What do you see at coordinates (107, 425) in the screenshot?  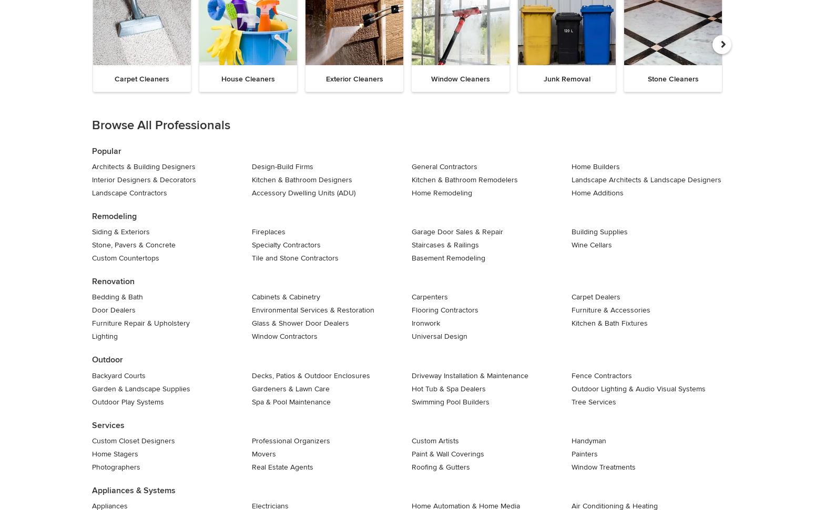 I see `'Services'` at bounding box center [107, 425].